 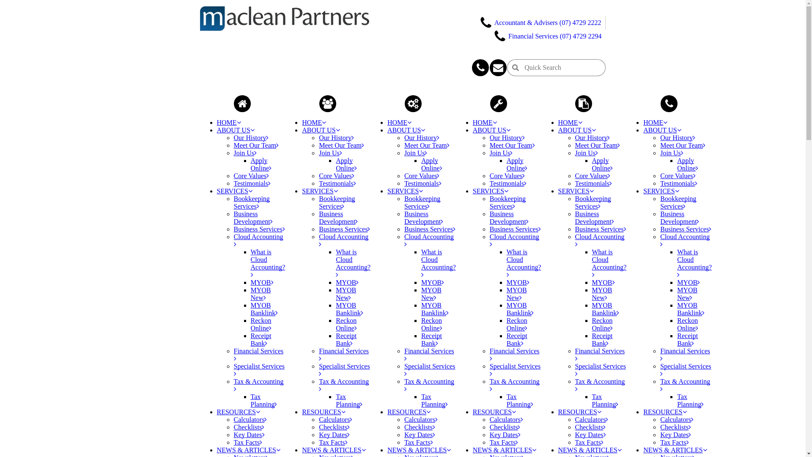 What do you see at coordinates (336, 137) in the screenshot?
I see `'Our History'` at bounding box center [336, 137].